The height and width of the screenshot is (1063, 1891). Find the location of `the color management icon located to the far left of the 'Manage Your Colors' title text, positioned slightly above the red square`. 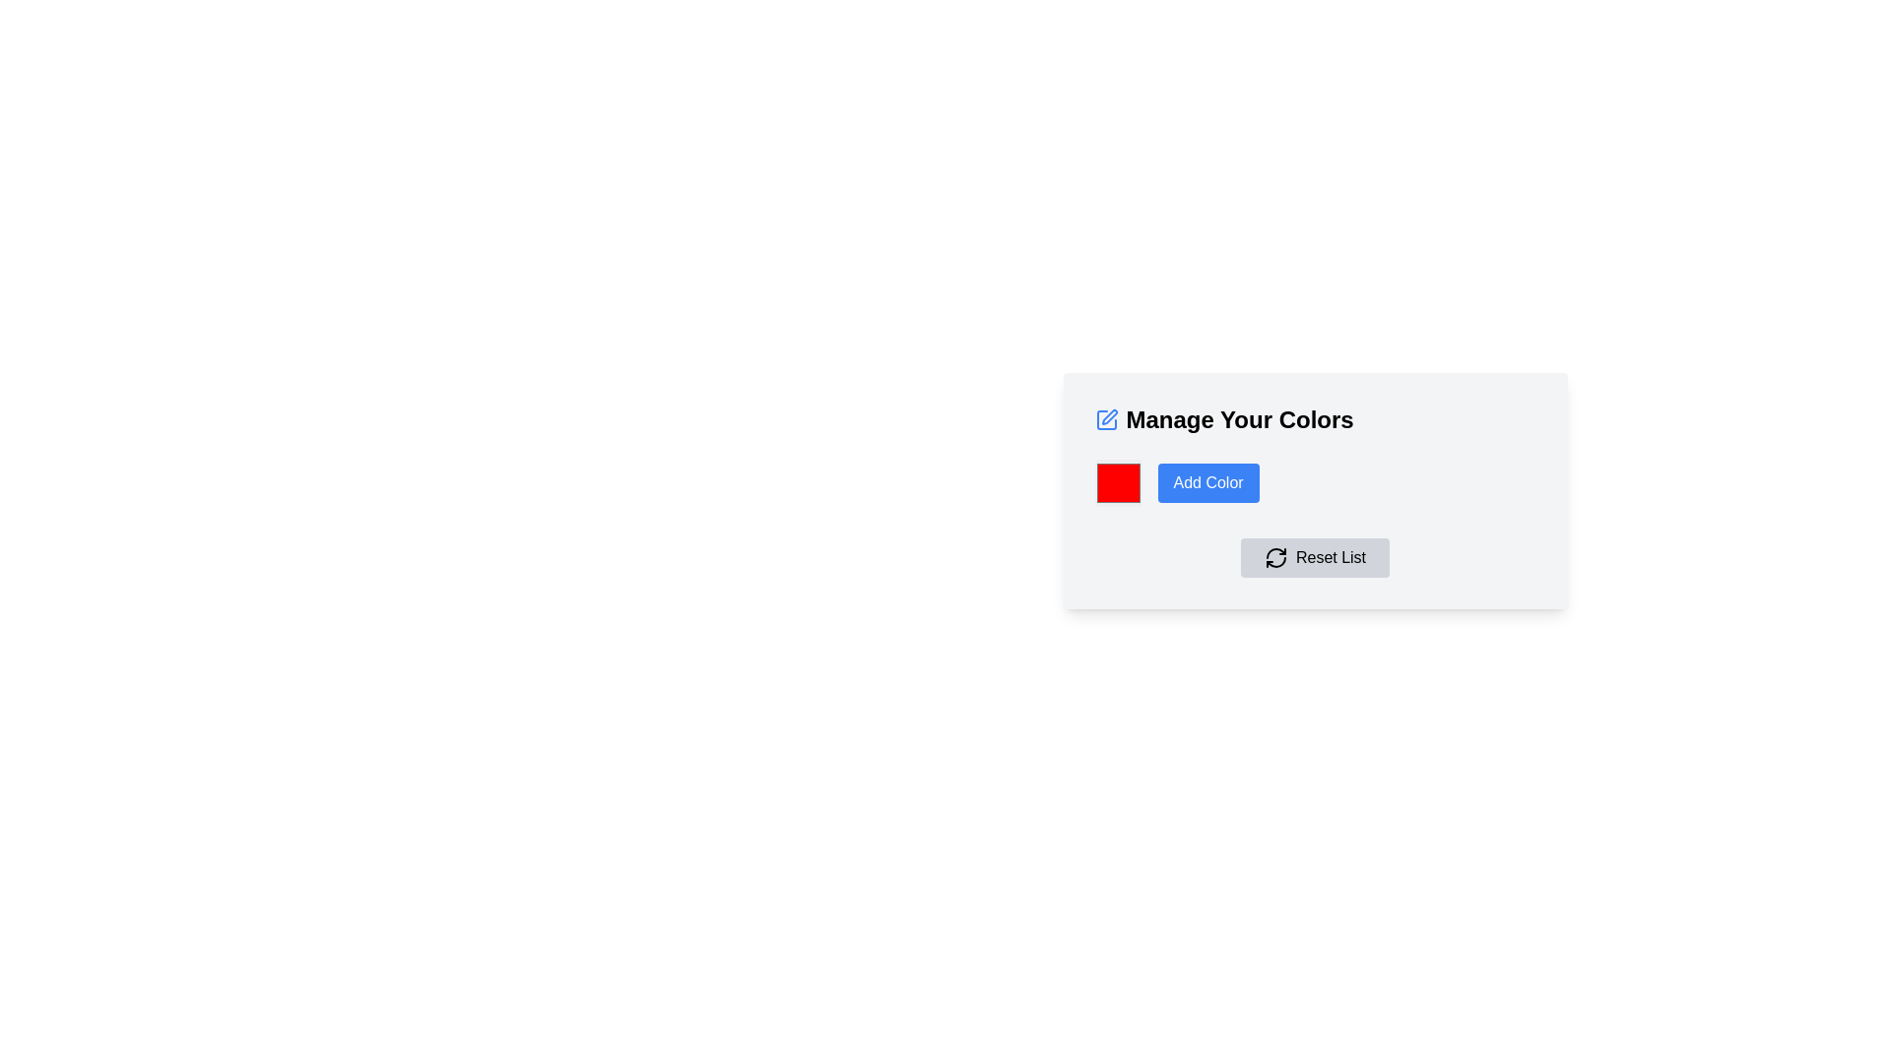

the color management icon located to the far left of the 'Manage Your Colors' title text, positioned slightly above the red square is located at coordinates (1106, 419).